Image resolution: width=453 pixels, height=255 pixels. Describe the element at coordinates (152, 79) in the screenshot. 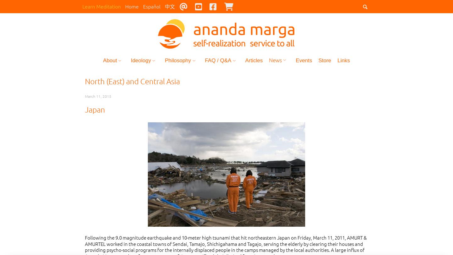

I see `'Self-Realization'` at that location.